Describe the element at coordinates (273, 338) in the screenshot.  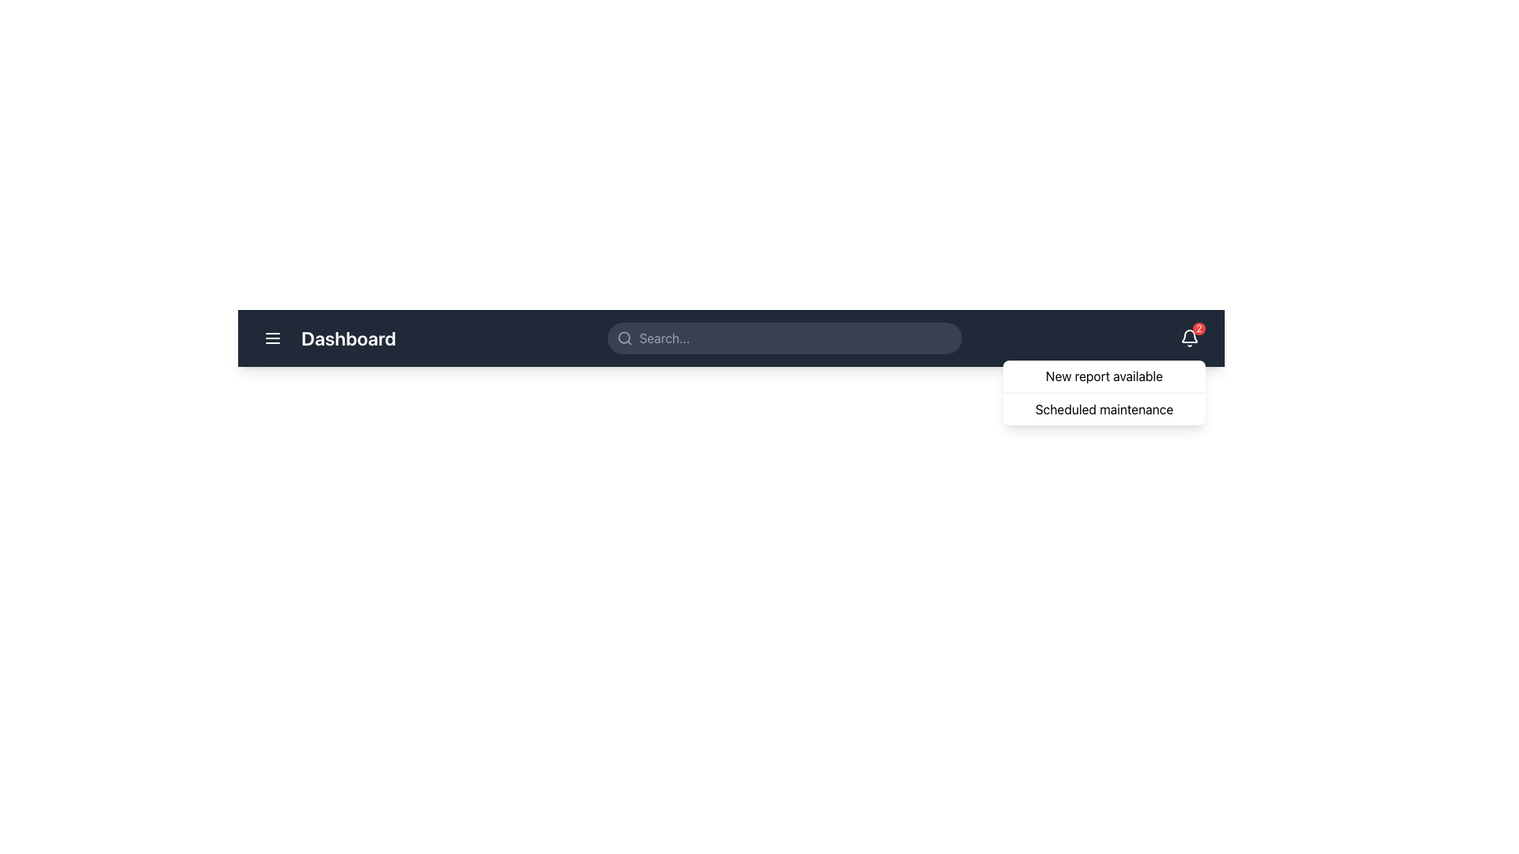
I see `the toggle button located to the left of the 'Dashboard' label in the navigation bar` at that location.